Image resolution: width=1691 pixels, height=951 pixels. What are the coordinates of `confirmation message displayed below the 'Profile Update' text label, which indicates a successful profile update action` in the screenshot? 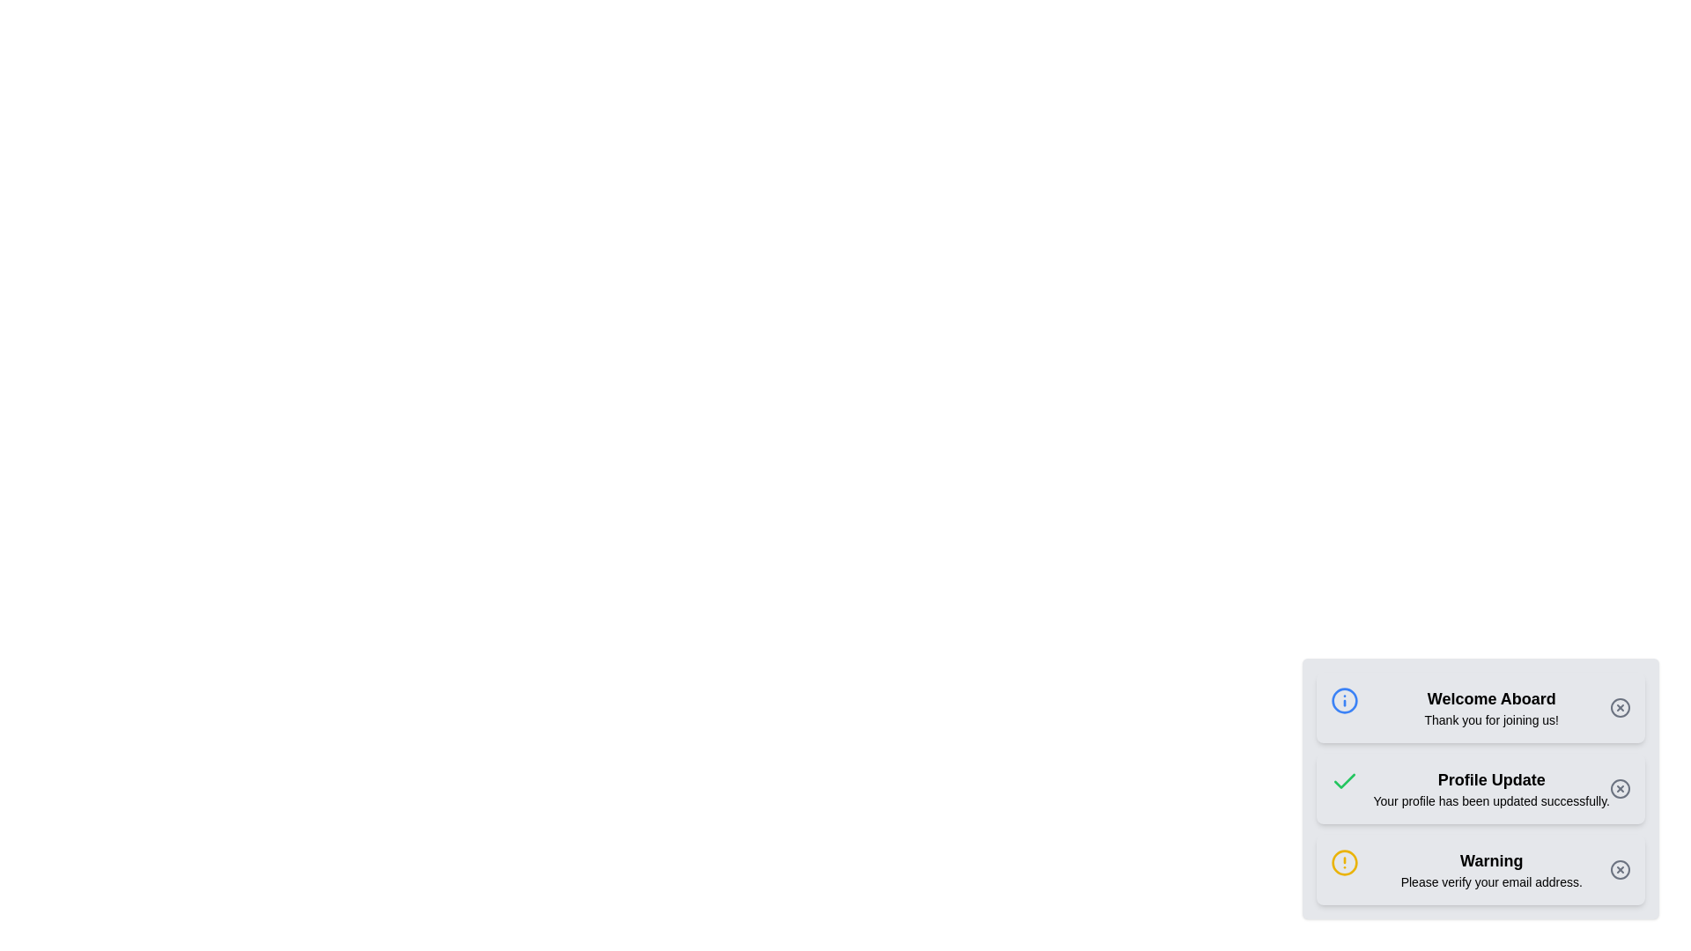 It's located at (1490, 801).